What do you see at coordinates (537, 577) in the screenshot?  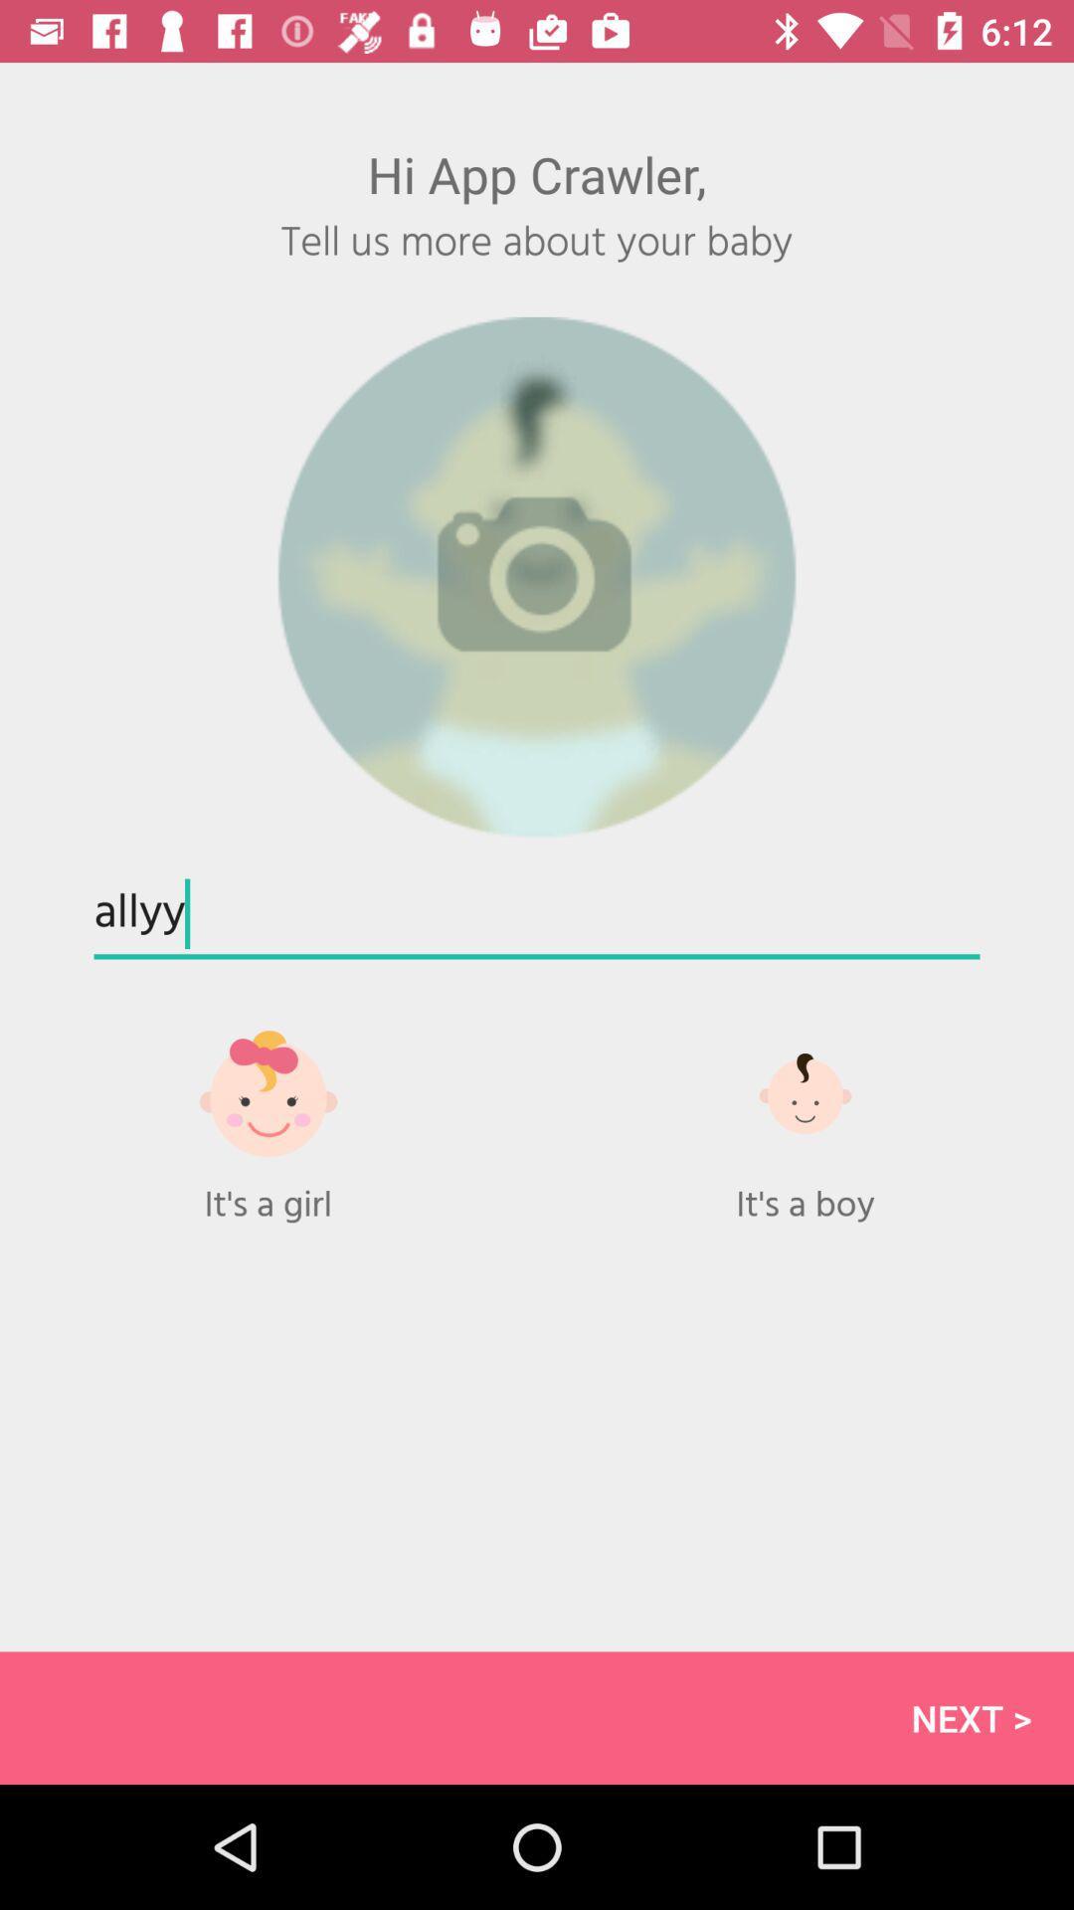 I see `the item below tell us more icon` at bounding box center [537, 577].